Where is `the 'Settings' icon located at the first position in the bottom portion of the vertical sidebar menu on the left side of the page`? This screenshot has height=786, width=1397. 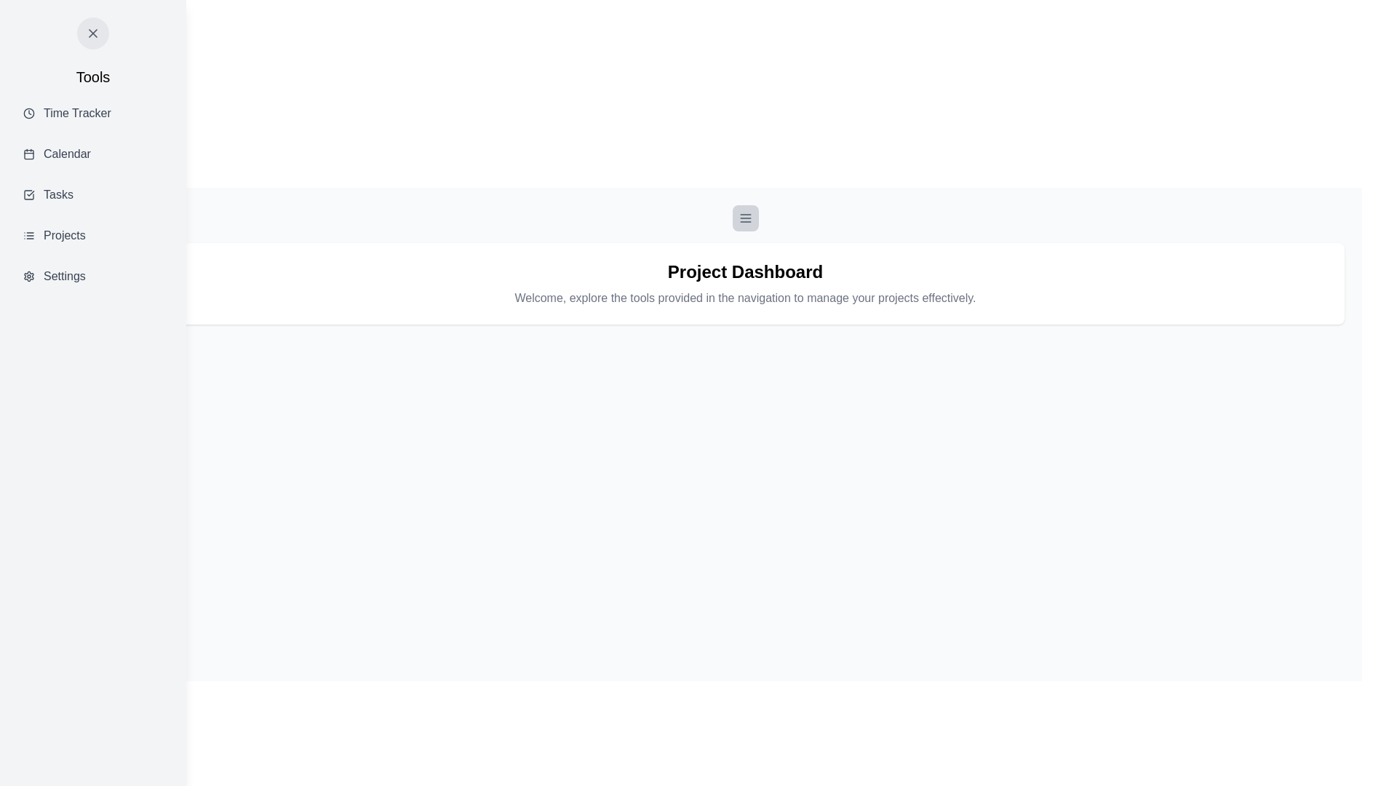
the 'Settings' icon located at the first position in the bottom portion of the vertical sidebar menu on the left side of the page is located at coordinates (28, 277).